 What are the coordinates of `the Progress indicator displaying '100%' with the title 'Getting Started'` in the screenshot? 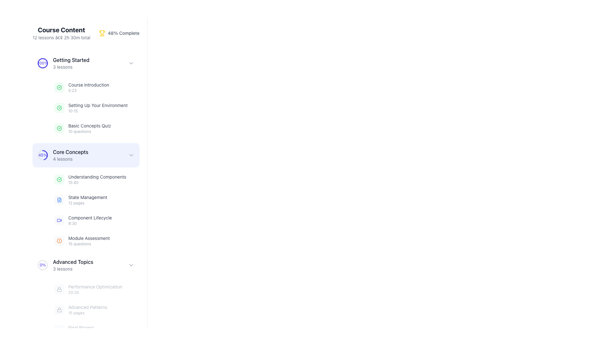 It's located at (63, 63).